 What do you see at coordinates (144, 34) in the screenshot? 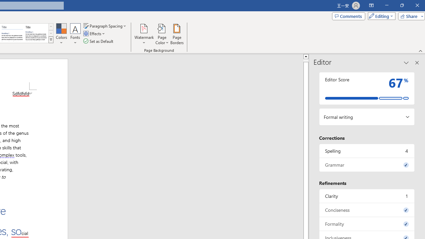
I see `'Watermark'` at bounding box center [144, 34].